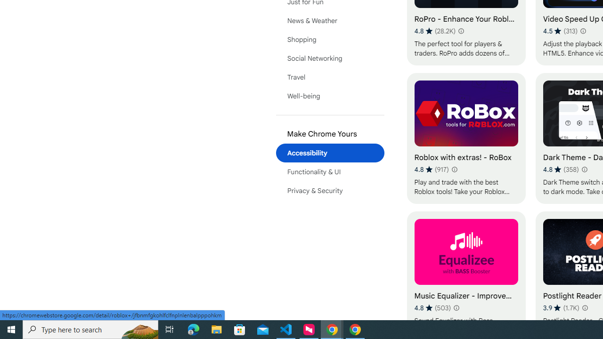  I want to click on 'Privacy & Security', so click(330, 191).